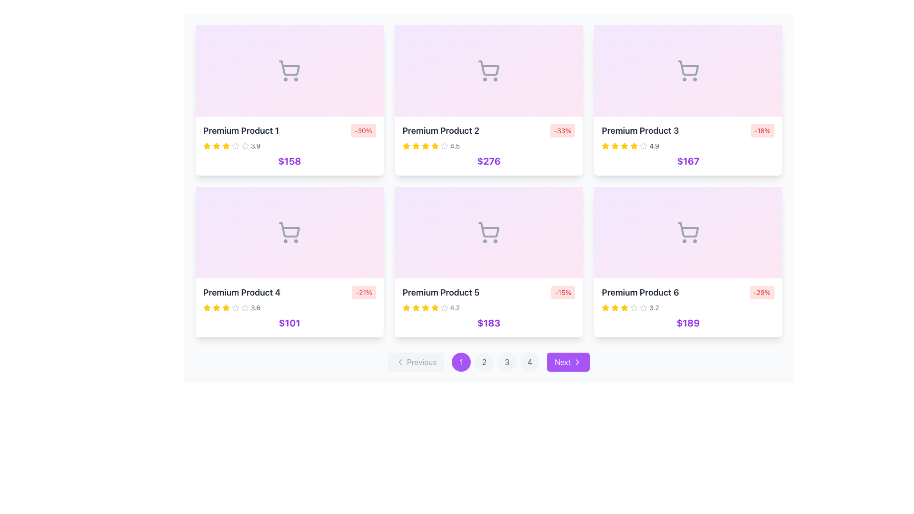 The width and height of the screenshot is (914, 514). I want to click on numerical representation of the product's rating displayed in the text label located in the last product card of the second row, to the right of the rating stars, so click(654, 308).